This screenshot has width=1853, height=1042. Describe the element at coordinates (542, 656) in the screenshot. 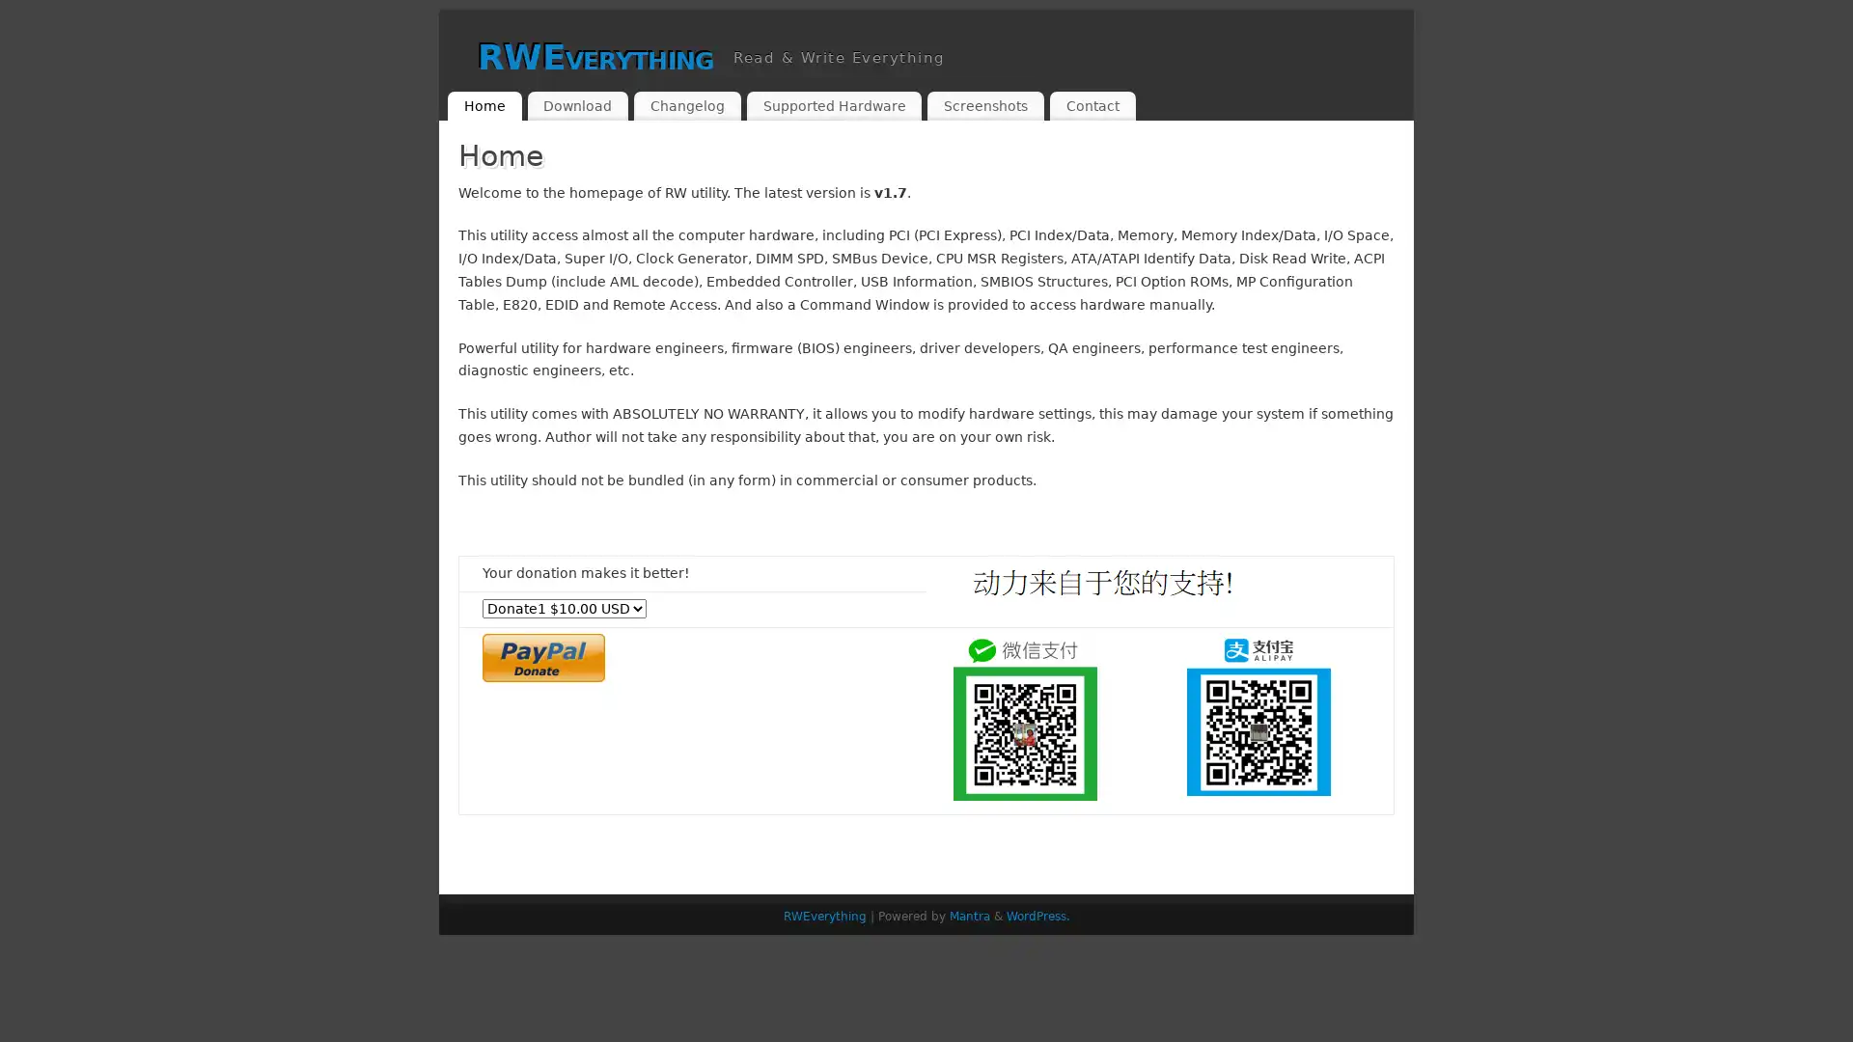

I see `PayPal - The safer, easier way to pay online!` at that location.